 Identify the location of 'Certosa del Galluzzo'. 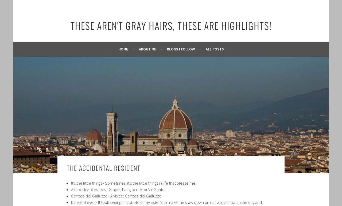
(71, 196).